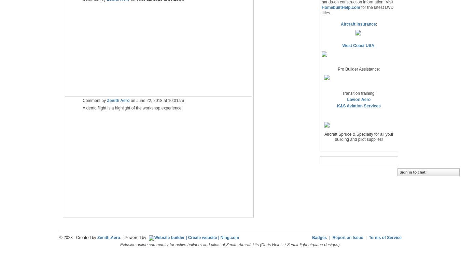 The width and height of the screenshot is (461, 253). I want to click on 'West Coast USA', so click(358, 46).